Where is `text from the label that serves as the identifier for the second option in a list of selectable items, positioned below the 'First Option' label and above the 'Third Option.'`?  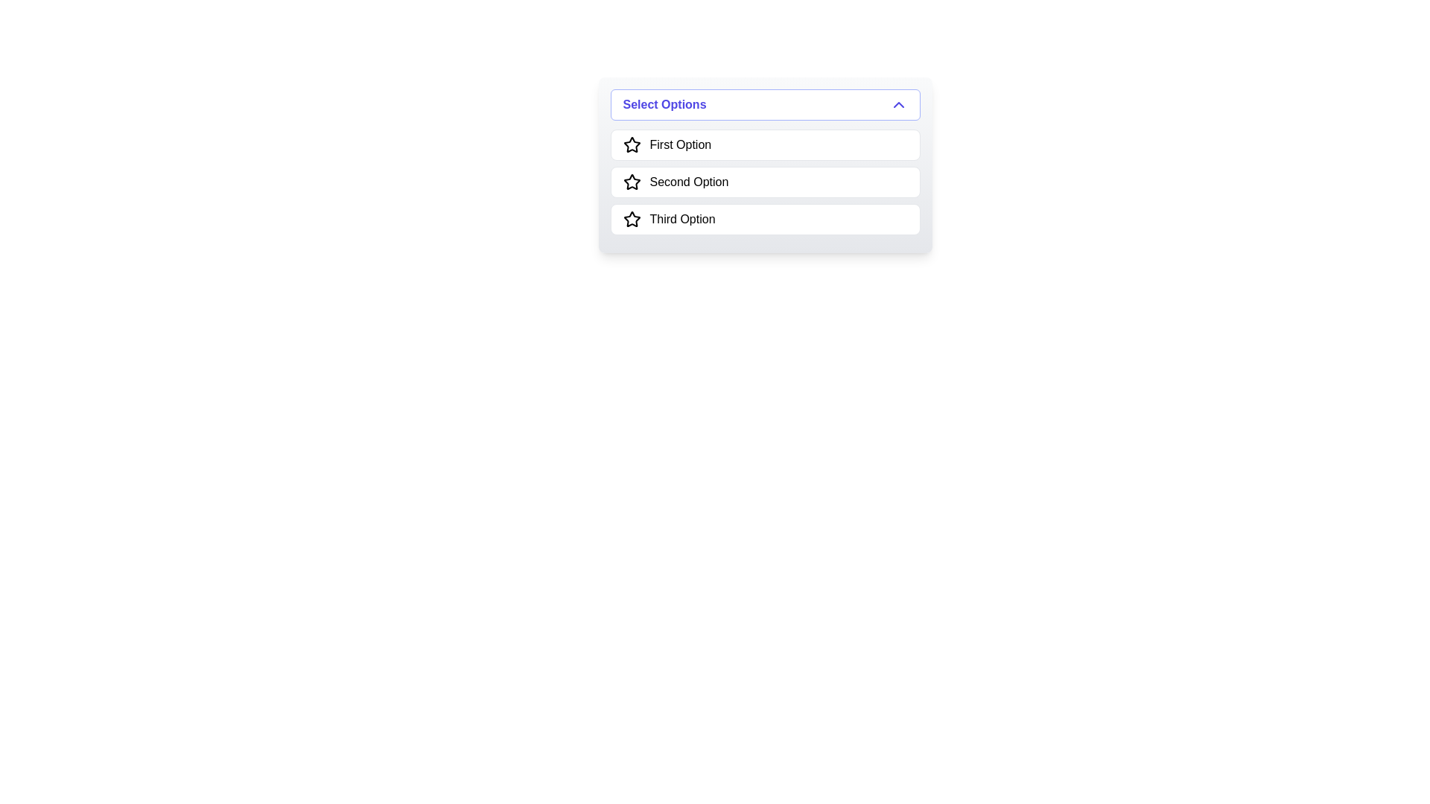 text from the label that serves as the identifier for the second option in a list of selectable items, positioned below the 'First Option' label and above the 'Third Option.' is located at coordinates (688, 182).